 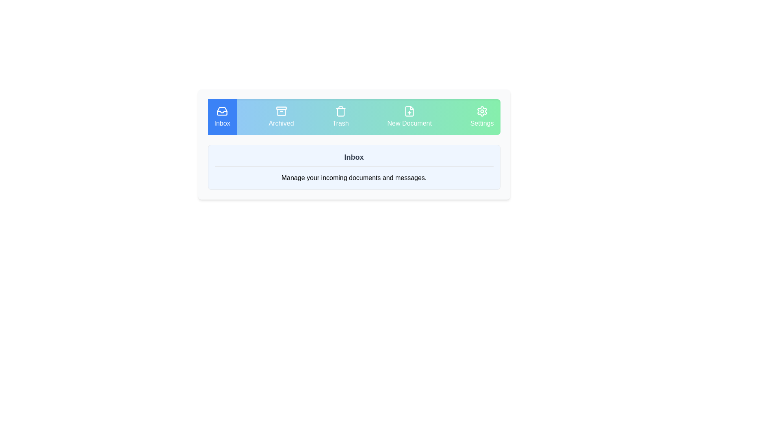 I want to click on the tab labeled Trash to switch to it, so click(x=340, y=117).